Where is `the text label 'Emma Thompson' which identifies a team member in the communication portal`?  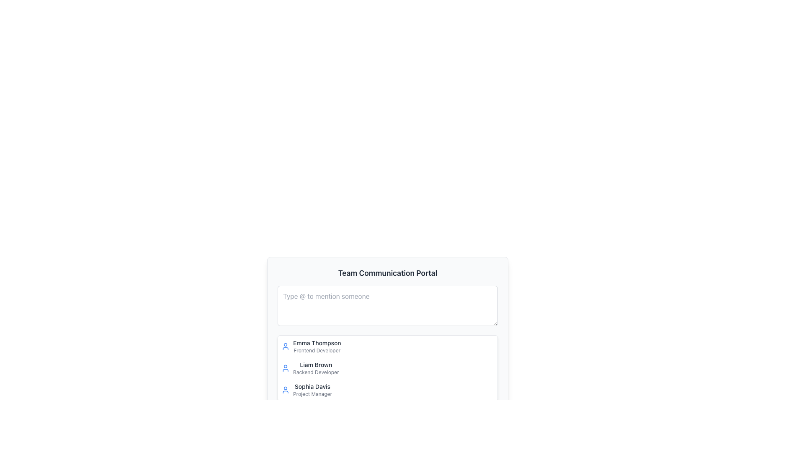
the text label 'Emma Thompson' which identifies a team member in the communication portal is located at coordinates (317, 343).